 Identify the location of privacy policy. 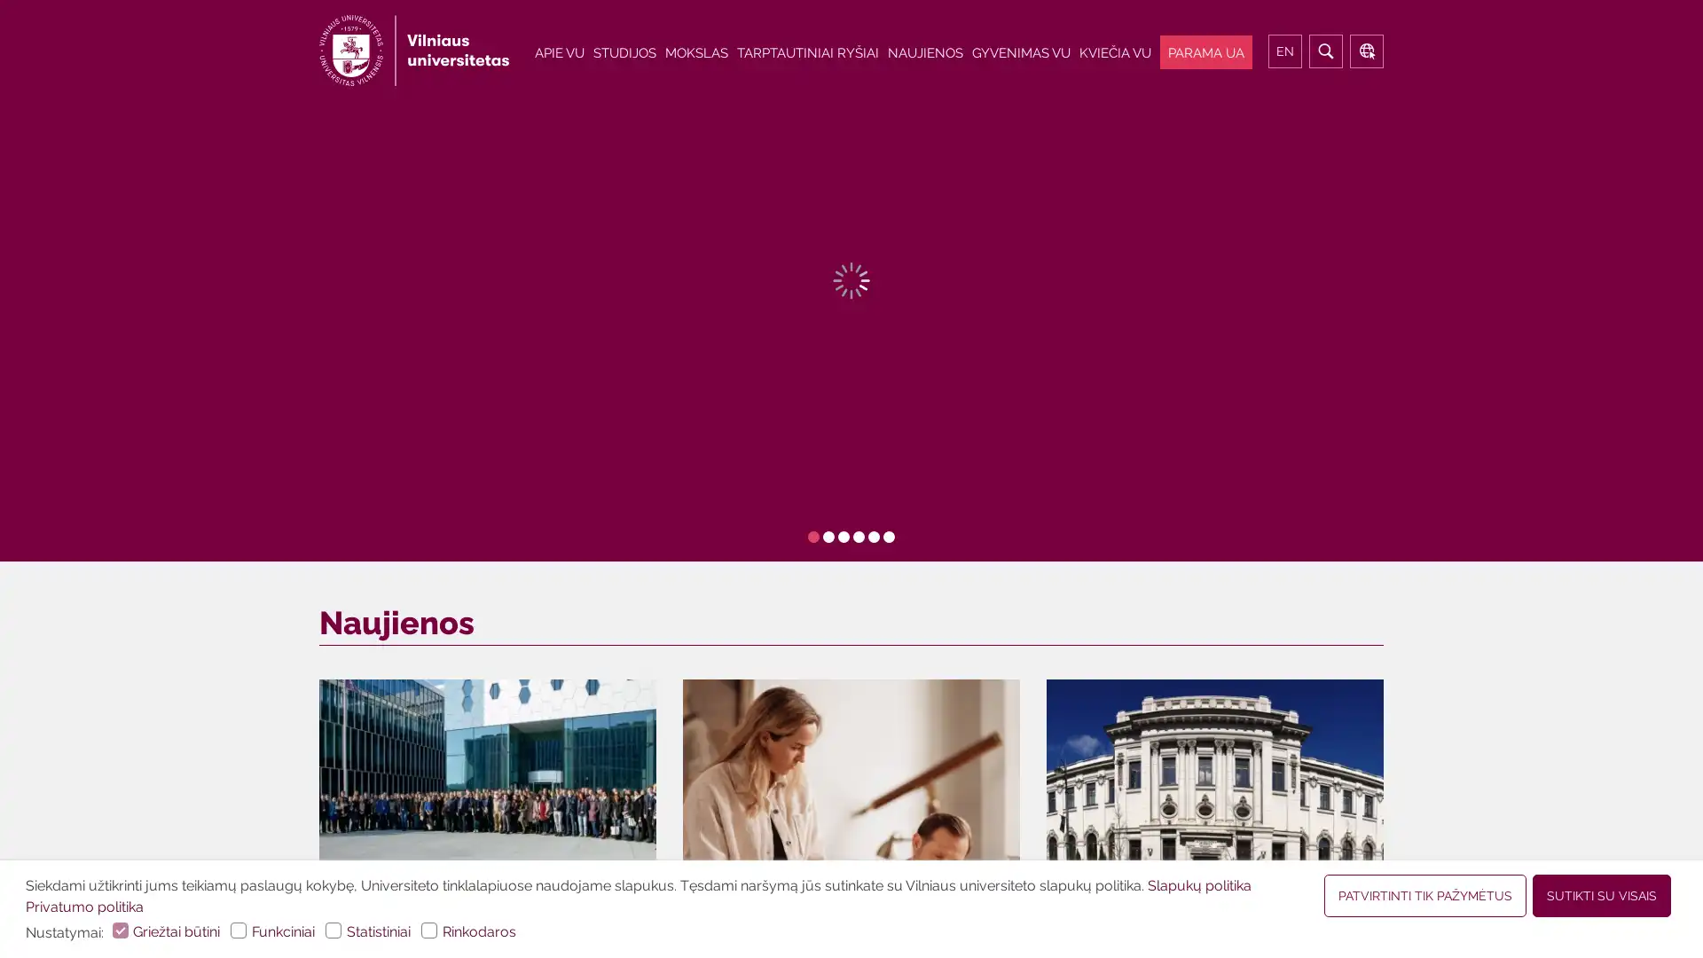
(84, 907).